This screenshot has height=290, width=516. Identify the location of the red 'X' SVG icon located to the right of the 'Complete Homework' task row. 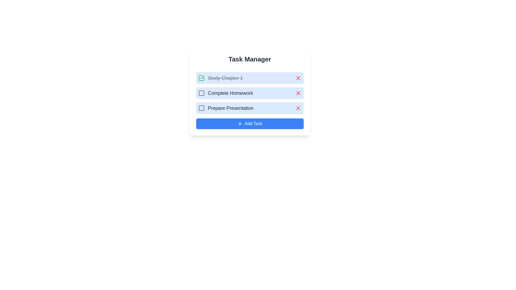
(298, 93).